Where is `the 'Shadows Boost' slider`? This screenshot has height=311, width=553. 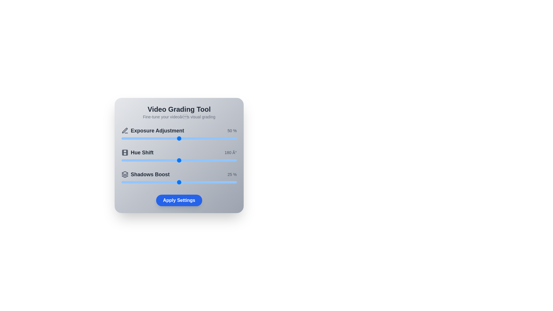 the 'Shadows Boost' slider is located at coordinates (220, 182).